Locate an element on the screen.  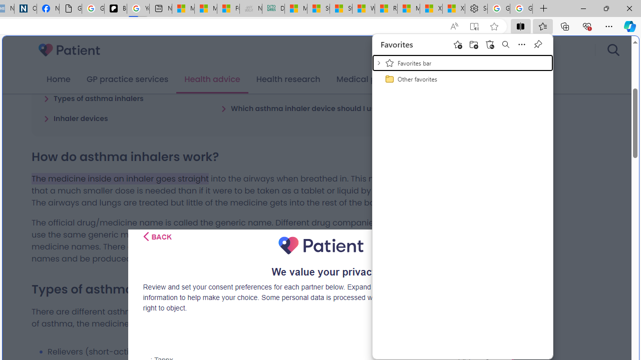
'Health advice' is located at coordinates (212, 79).